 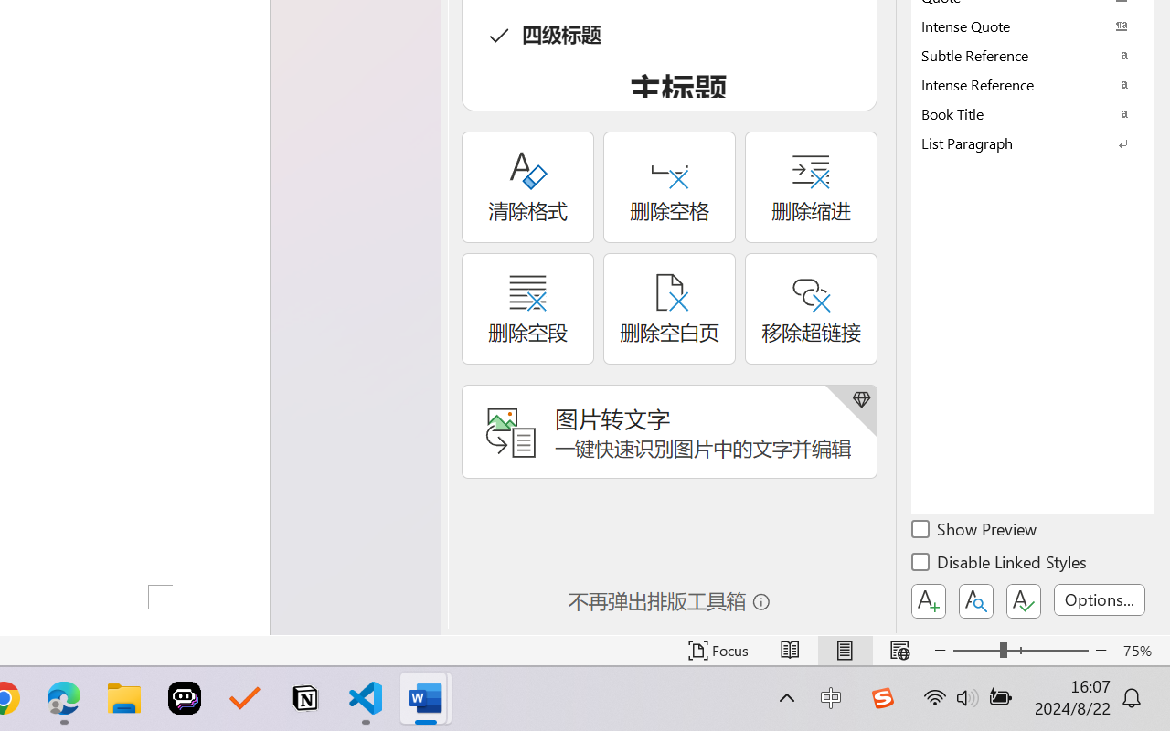 What do you see at coordinates (899, 650) in the screenshot?
I see `'Web Layout'` at bounding box center [899, 650].